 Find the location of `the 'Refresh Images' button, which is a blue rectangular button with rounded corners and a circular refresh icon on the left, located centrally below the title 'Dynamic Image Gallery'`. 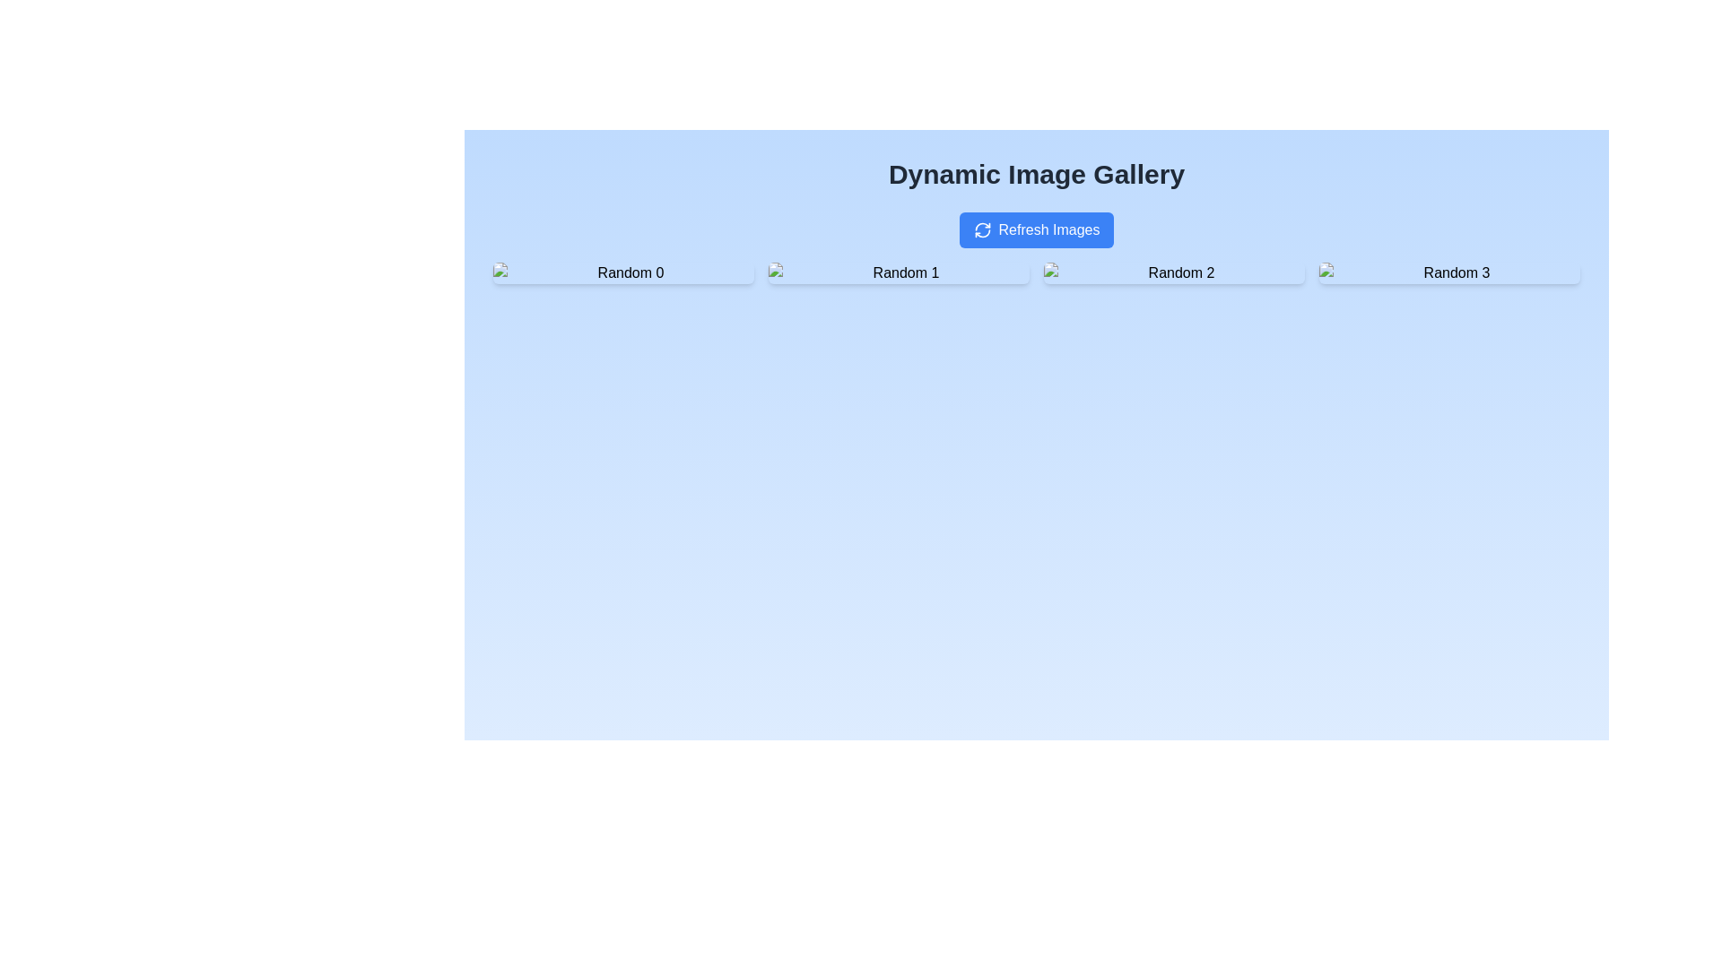

the 'Refresh Images' button, which is a blue rectangular button with rounded corners and a circular refresh icon on the left, located centrally below the title 'Dynamic Image Gallery' is located at coordinates (1037, 229).